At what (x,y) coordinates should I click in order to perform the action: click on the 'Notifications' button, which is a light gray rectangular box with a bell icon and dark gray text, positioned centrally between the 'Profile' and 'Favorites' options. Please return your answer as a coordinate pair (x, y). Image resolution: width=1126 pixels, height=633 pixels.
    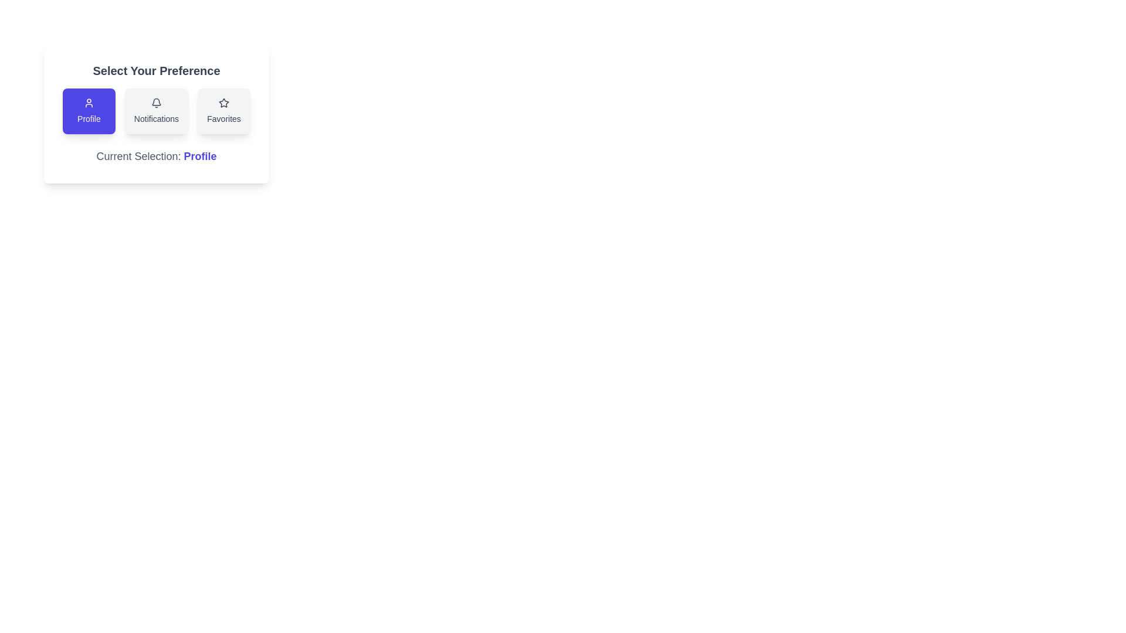
    Looking at the image, I should click on (156, 111).